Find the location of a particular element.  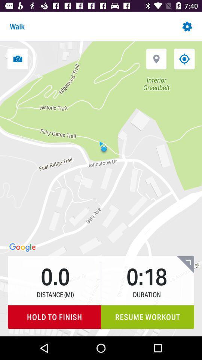

google is located at coordinates (23, 247).